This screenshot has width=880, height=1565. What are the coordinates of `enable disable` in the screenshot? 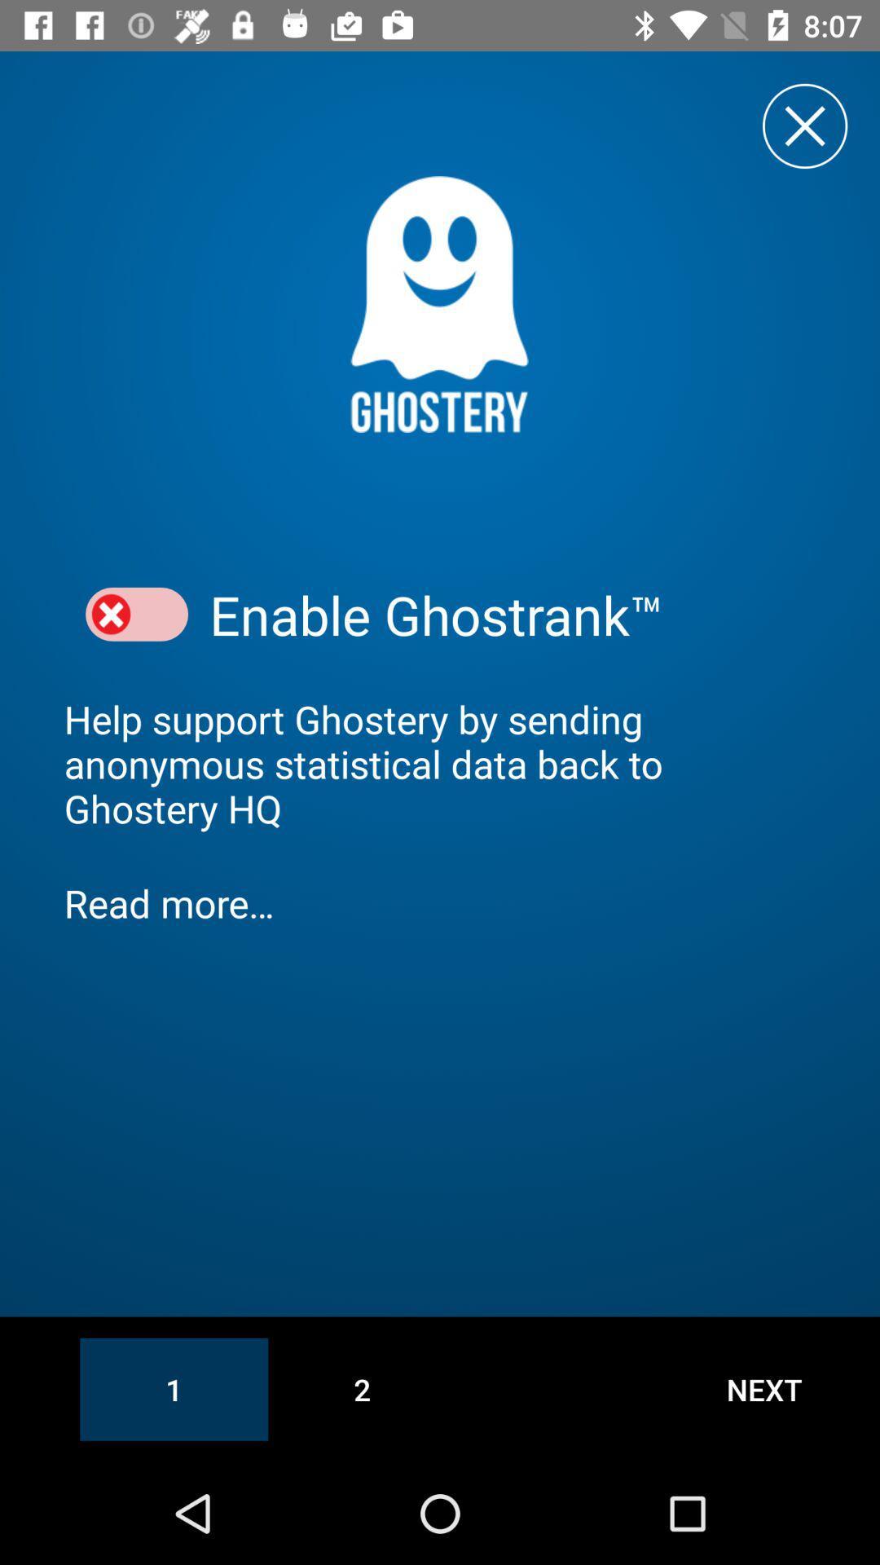 It's located at (136, 614).